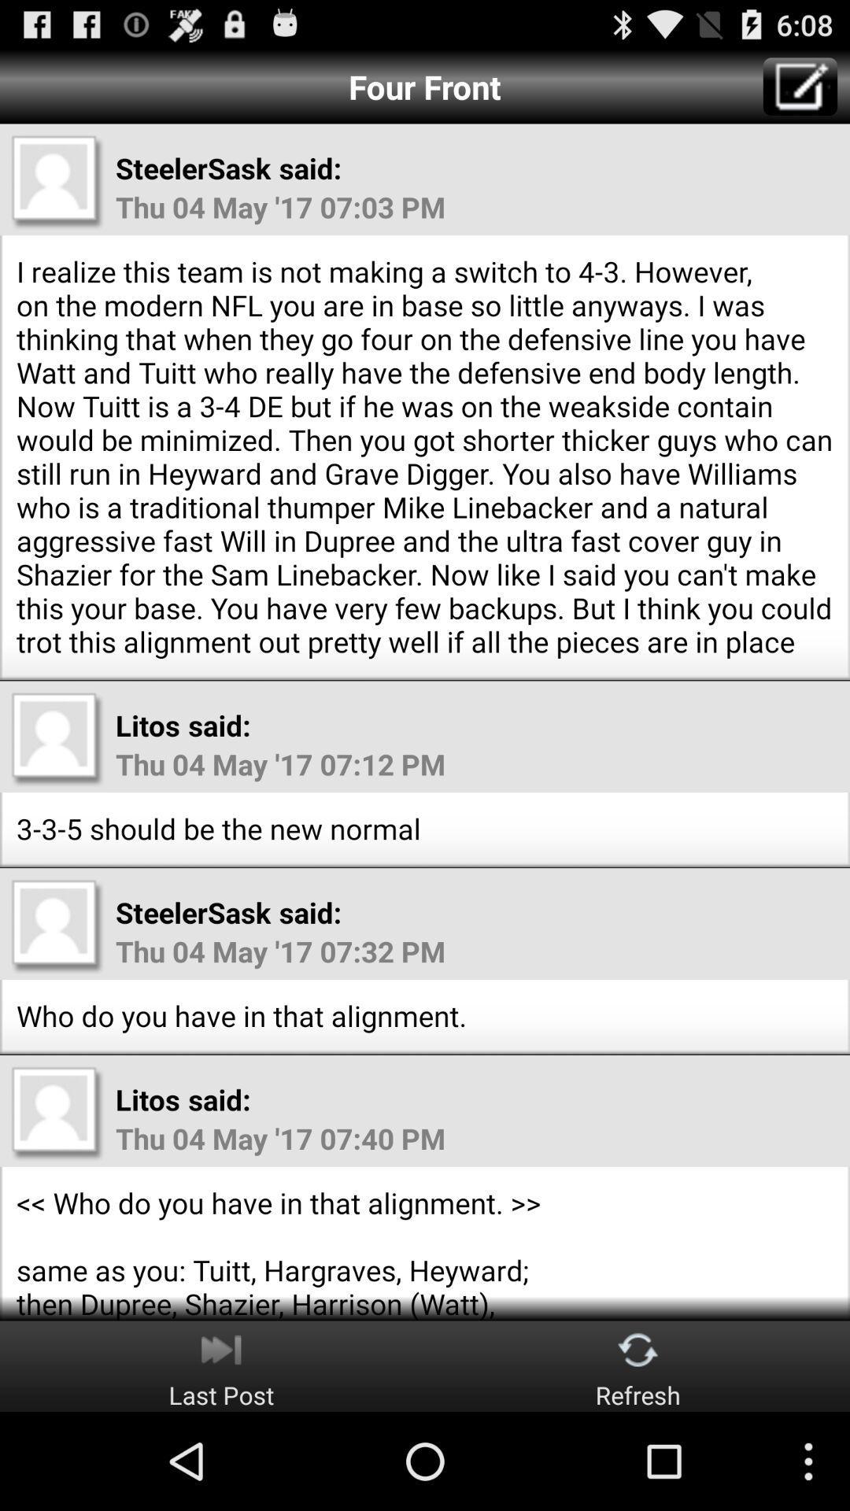 This screenshot has height=1511, width=850. Describe the element at coordinates (57, 1112) in the screenshot. I see `search profile` at that location.